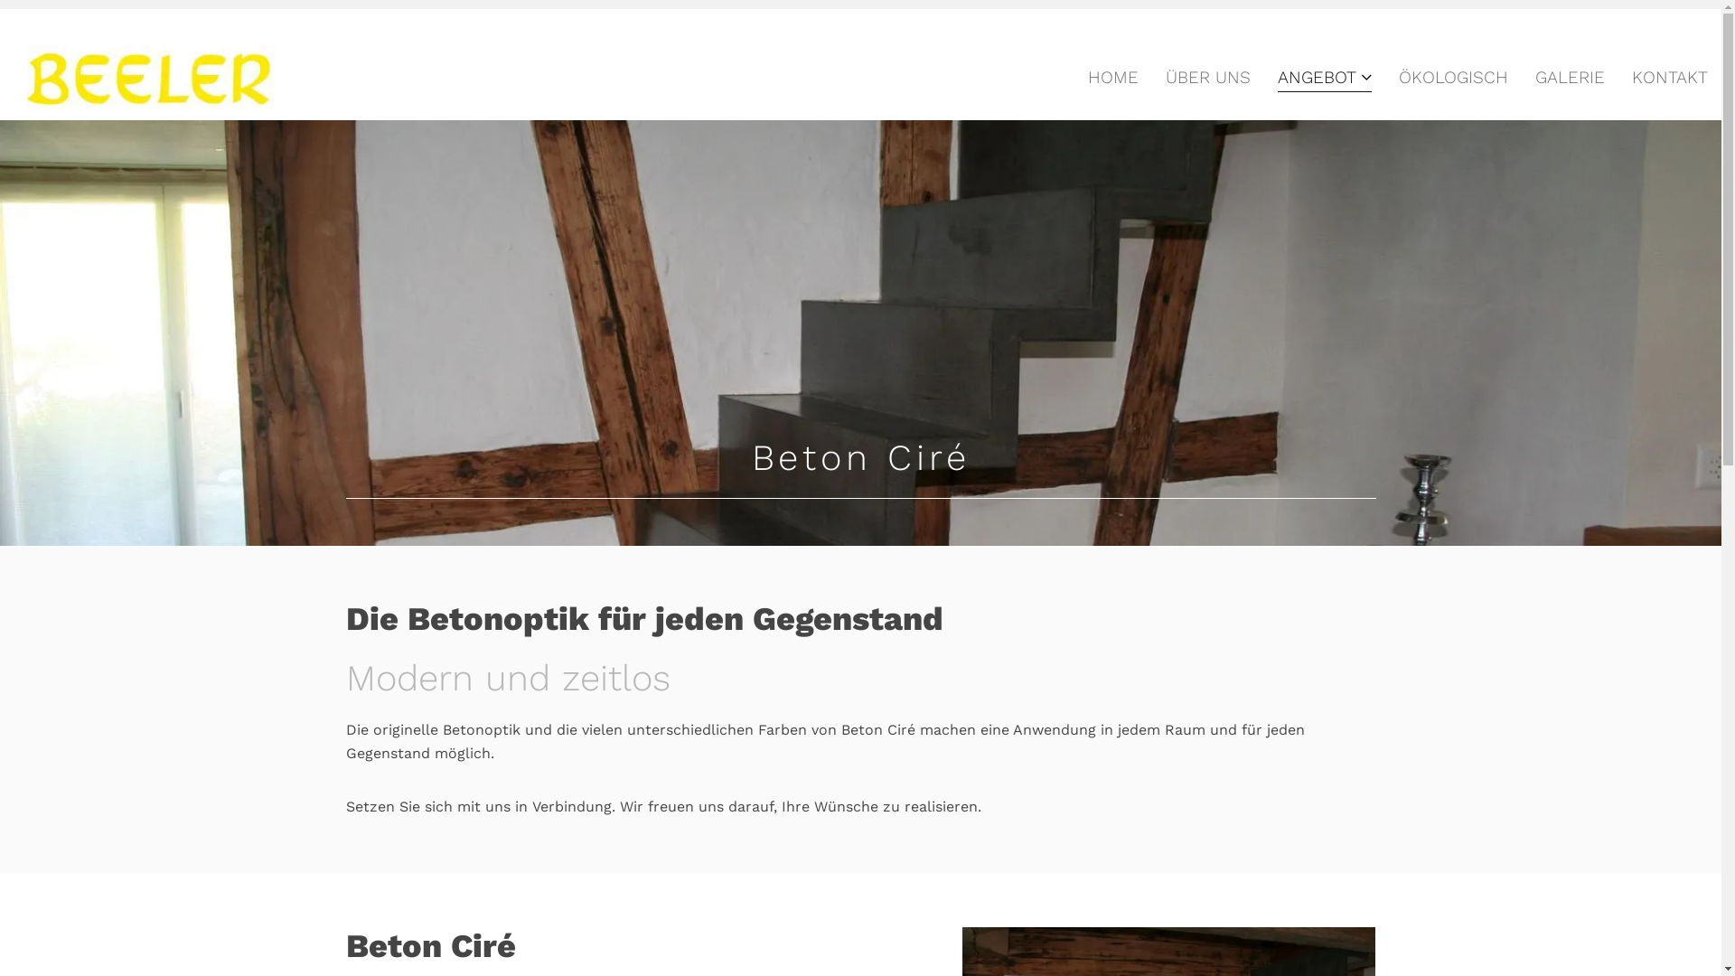 Image resolution: width=1735 pixels, height=976 pixels. Describe the element at coordinates (1112, 75) in the screenshot. I see `'HOME'` at that location.